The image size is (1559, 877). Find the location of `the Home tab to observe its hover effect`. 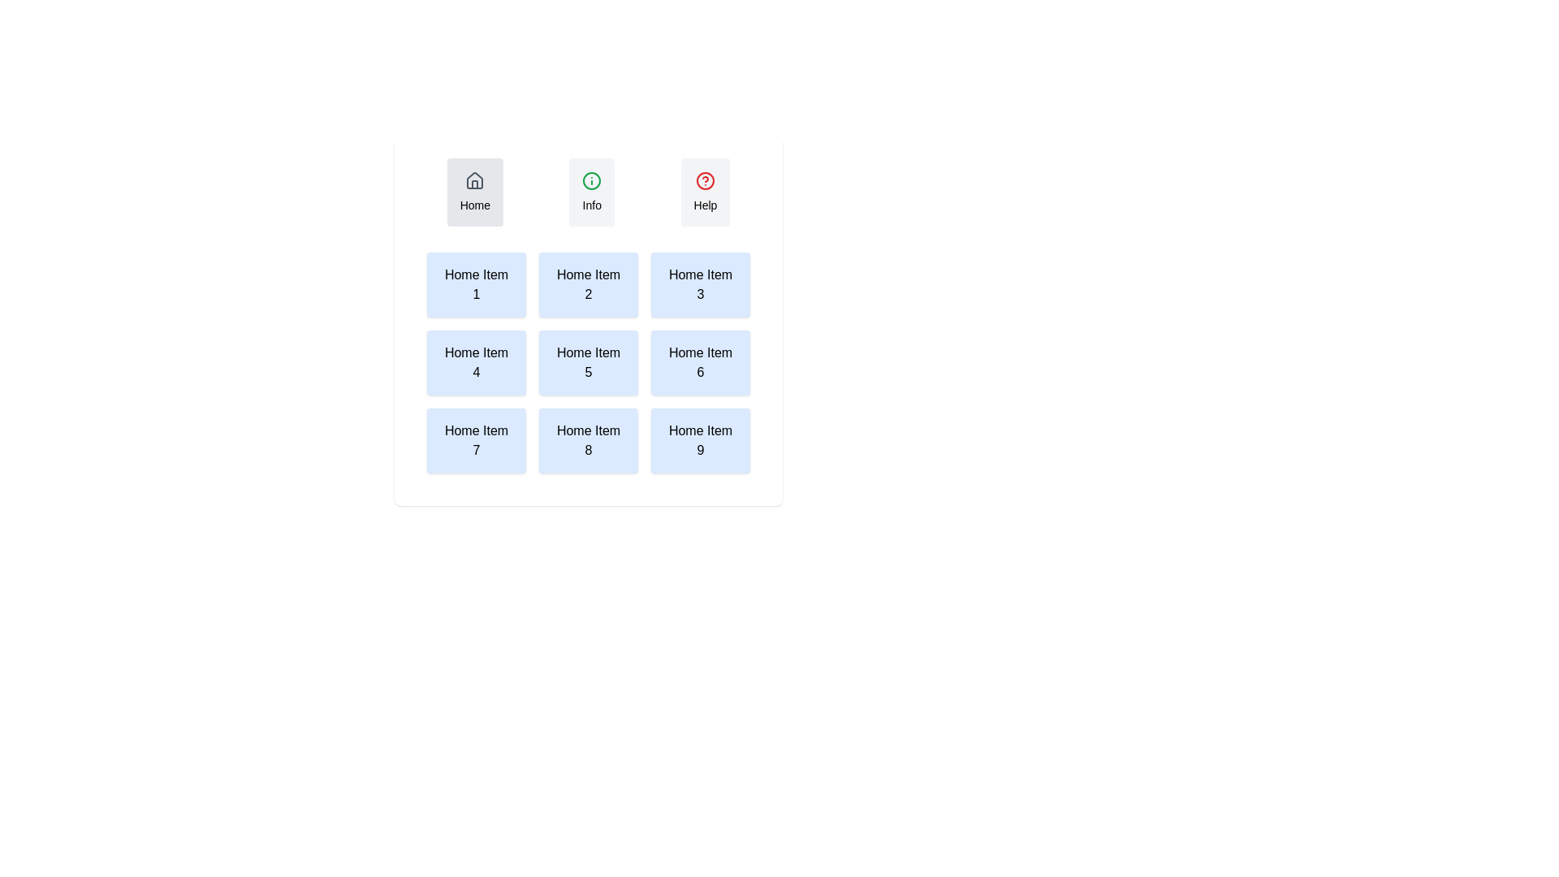

the Home tab to observe its hover effect is located at coordinates (474, 191).